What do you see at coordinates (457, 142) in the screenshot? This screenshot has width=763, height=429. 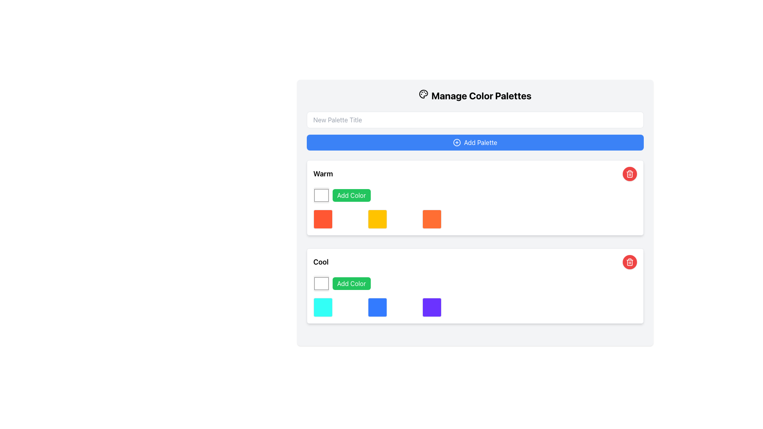 I see `the '+' icon graphic element within the 'Add Palette' button, which is a circle with a visible stroke, located at the top center of the interface` at bounding box center [457, 142].